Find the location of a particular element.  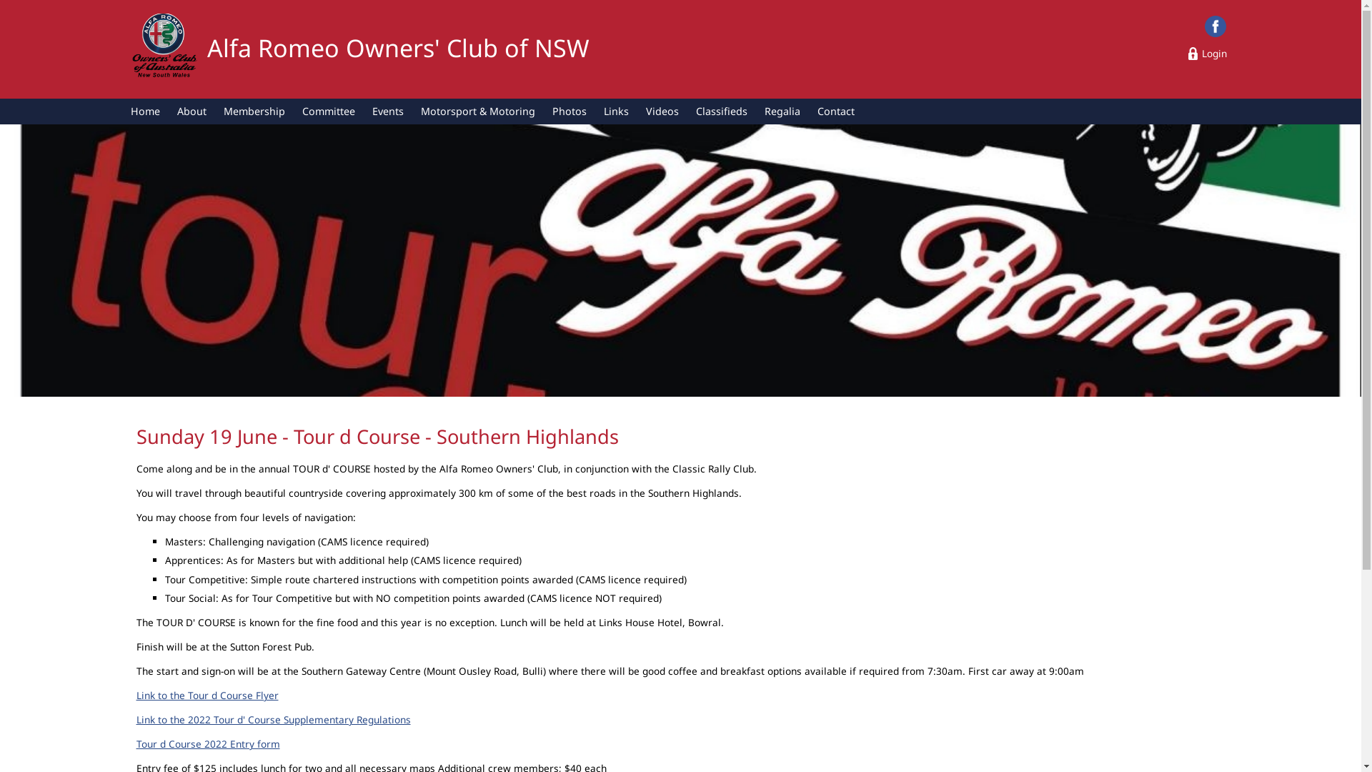

'Home page' is located at coordinates (164, 46).